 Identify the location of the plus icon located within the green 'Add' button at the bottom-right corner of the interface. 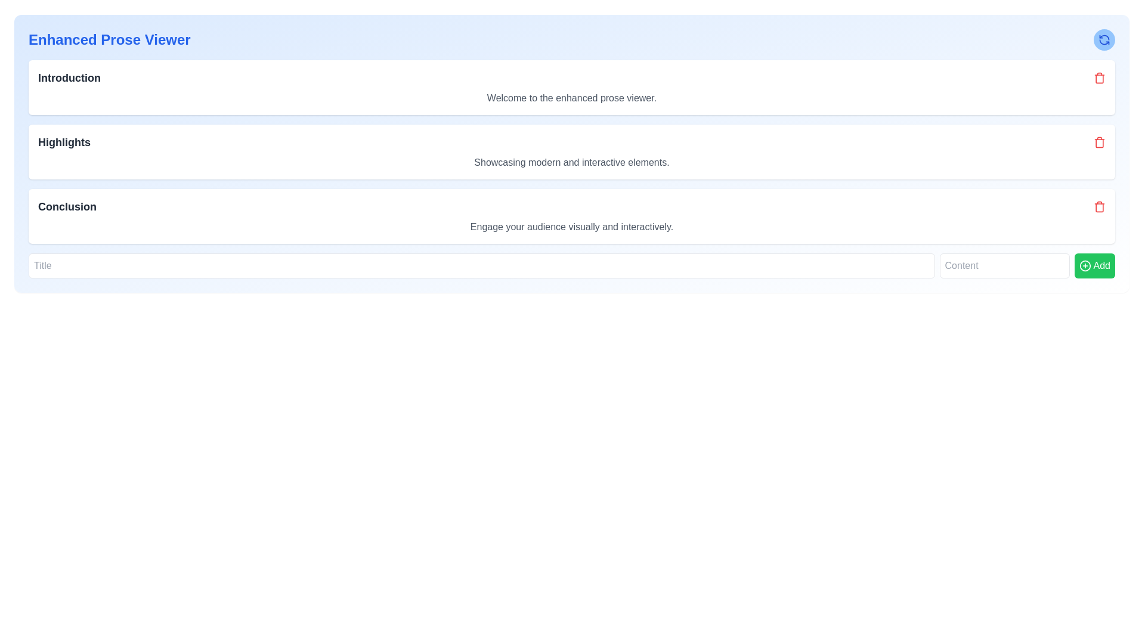
(1085, 265).